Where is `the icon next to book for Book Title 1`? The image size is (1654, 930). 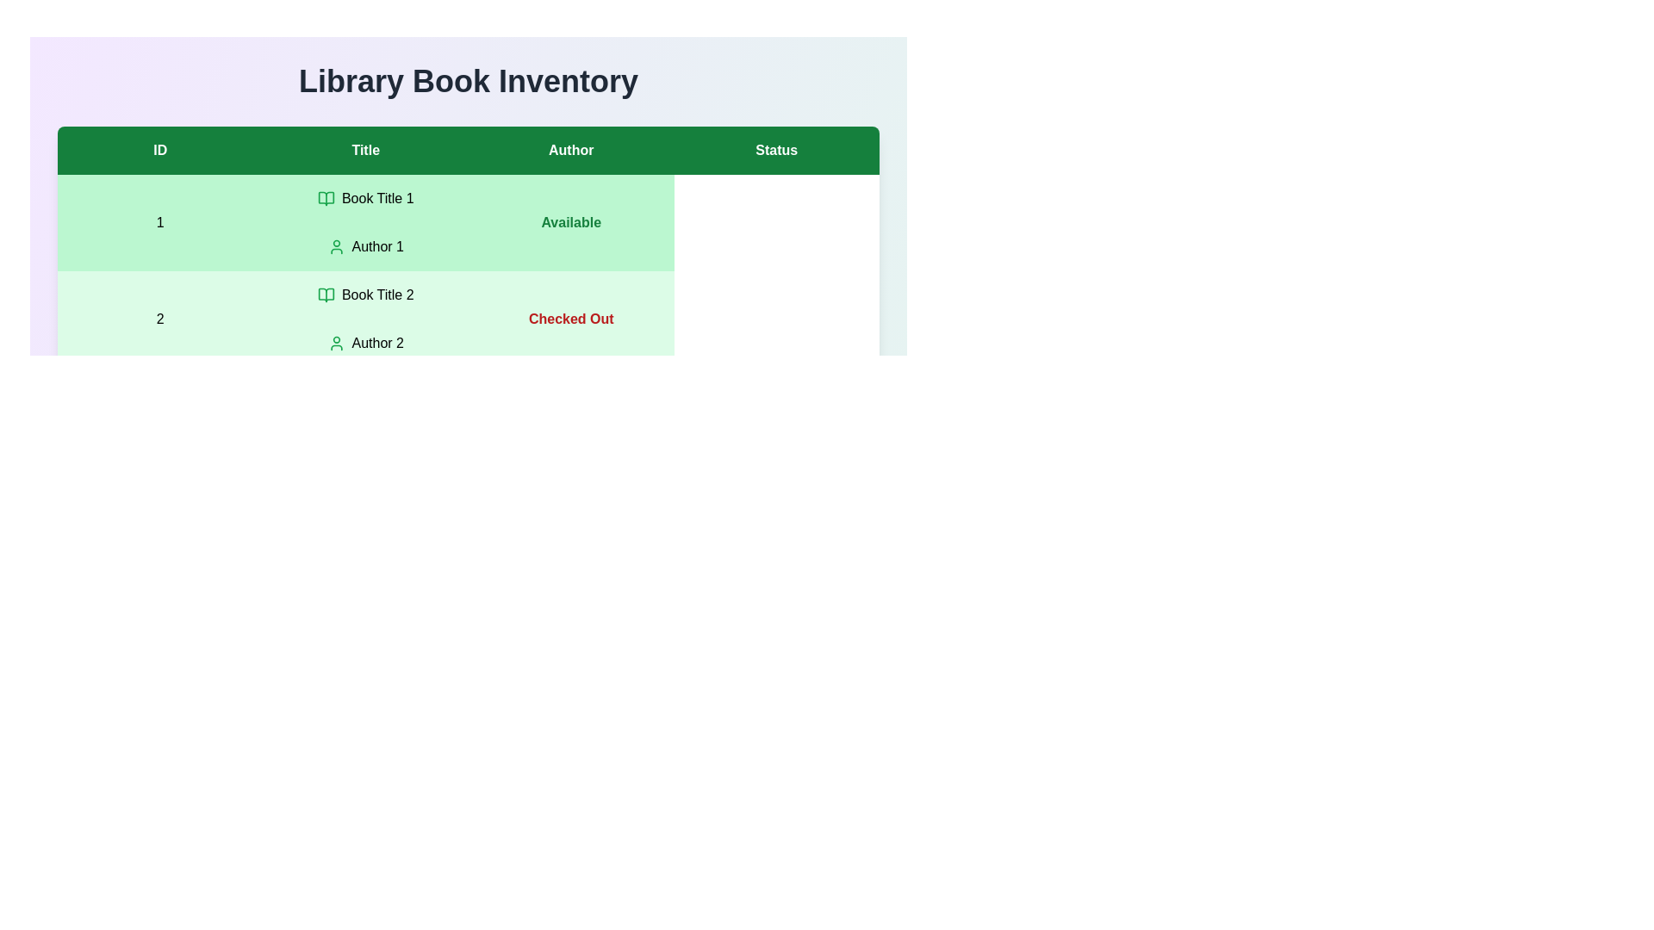
the icon next to book for Book Title 1 is located at coordinates (326, 198).